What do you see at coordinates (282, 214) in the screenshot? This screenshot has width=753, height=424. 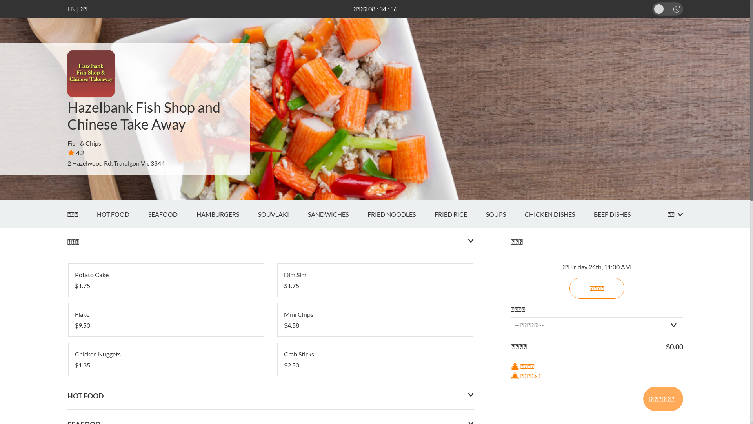 I see `'SOUVLAKI'` at bounding box center [282, 214].